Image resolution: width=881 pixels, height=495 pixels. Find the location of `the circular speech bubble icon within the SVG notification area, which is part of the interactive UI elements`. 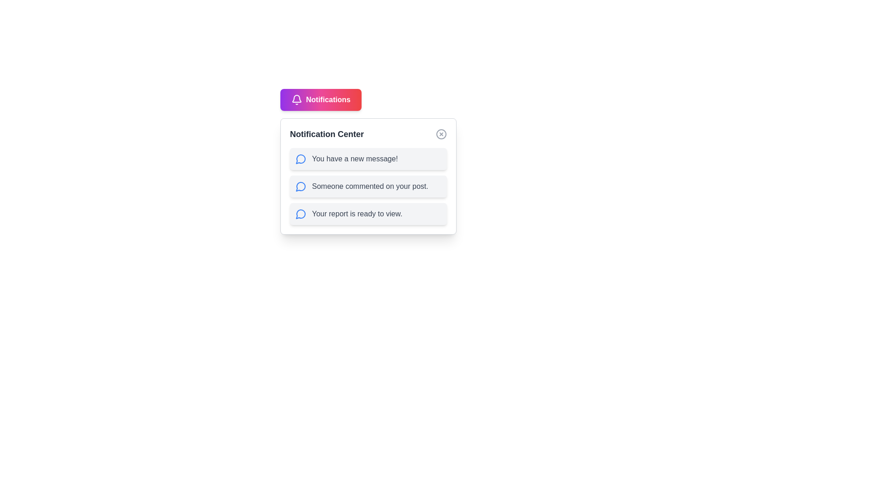

the circular speech bubble icon within the SVG notification area, which is part of the interactive UI elements is located at coordinates (301, 214).